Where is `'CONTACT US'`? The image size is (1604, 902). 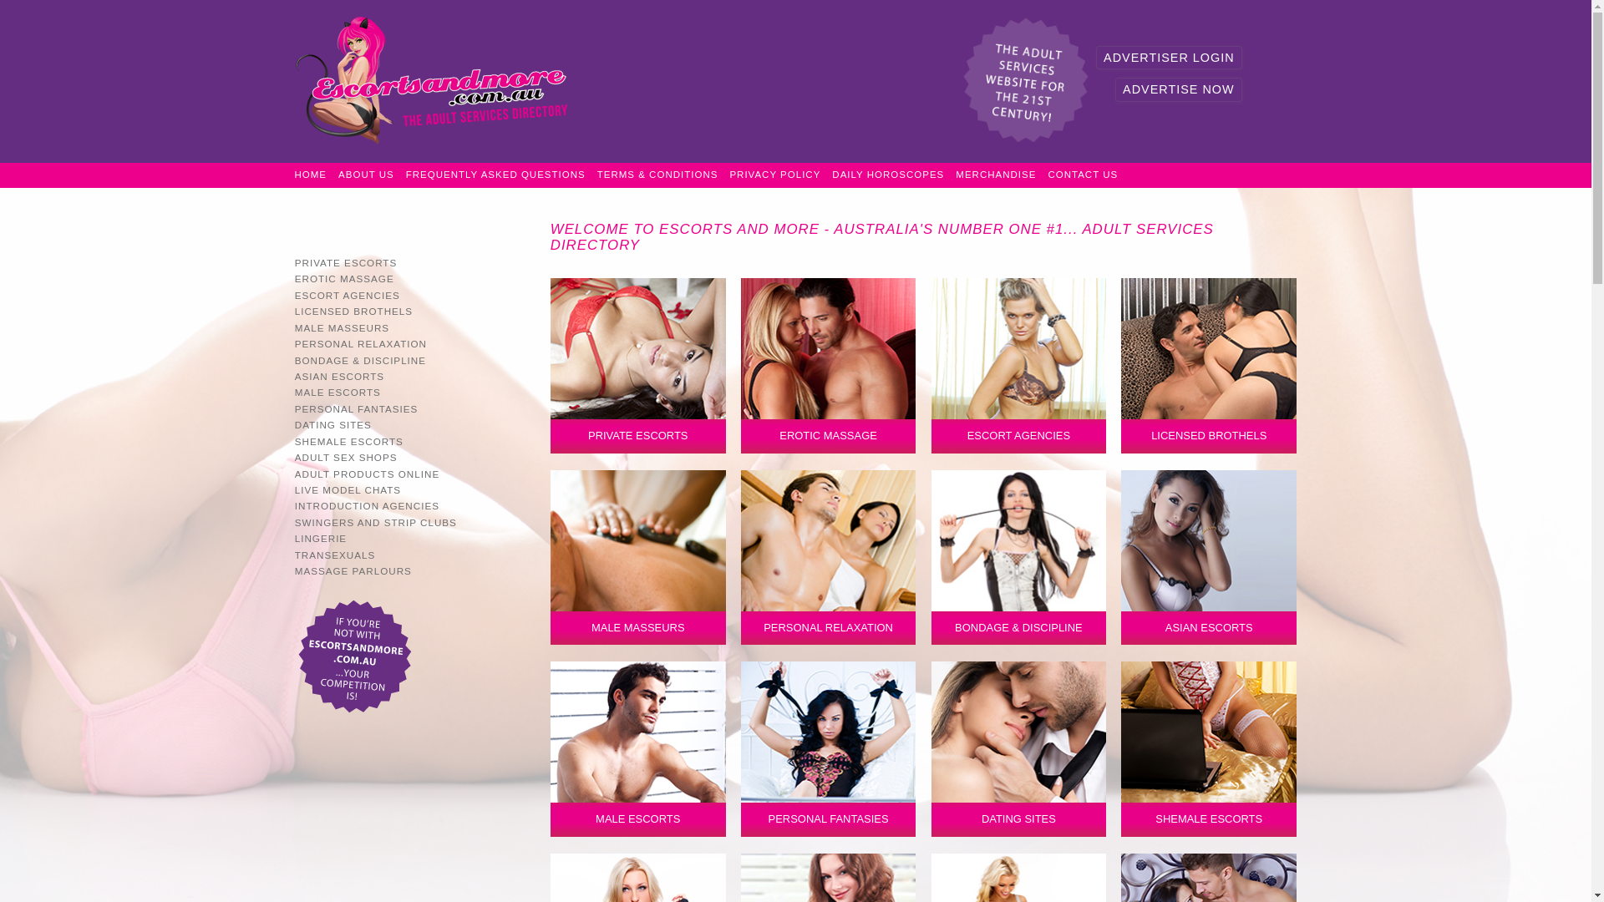
'CONTACT US' is located at coordinates (1083, 175).